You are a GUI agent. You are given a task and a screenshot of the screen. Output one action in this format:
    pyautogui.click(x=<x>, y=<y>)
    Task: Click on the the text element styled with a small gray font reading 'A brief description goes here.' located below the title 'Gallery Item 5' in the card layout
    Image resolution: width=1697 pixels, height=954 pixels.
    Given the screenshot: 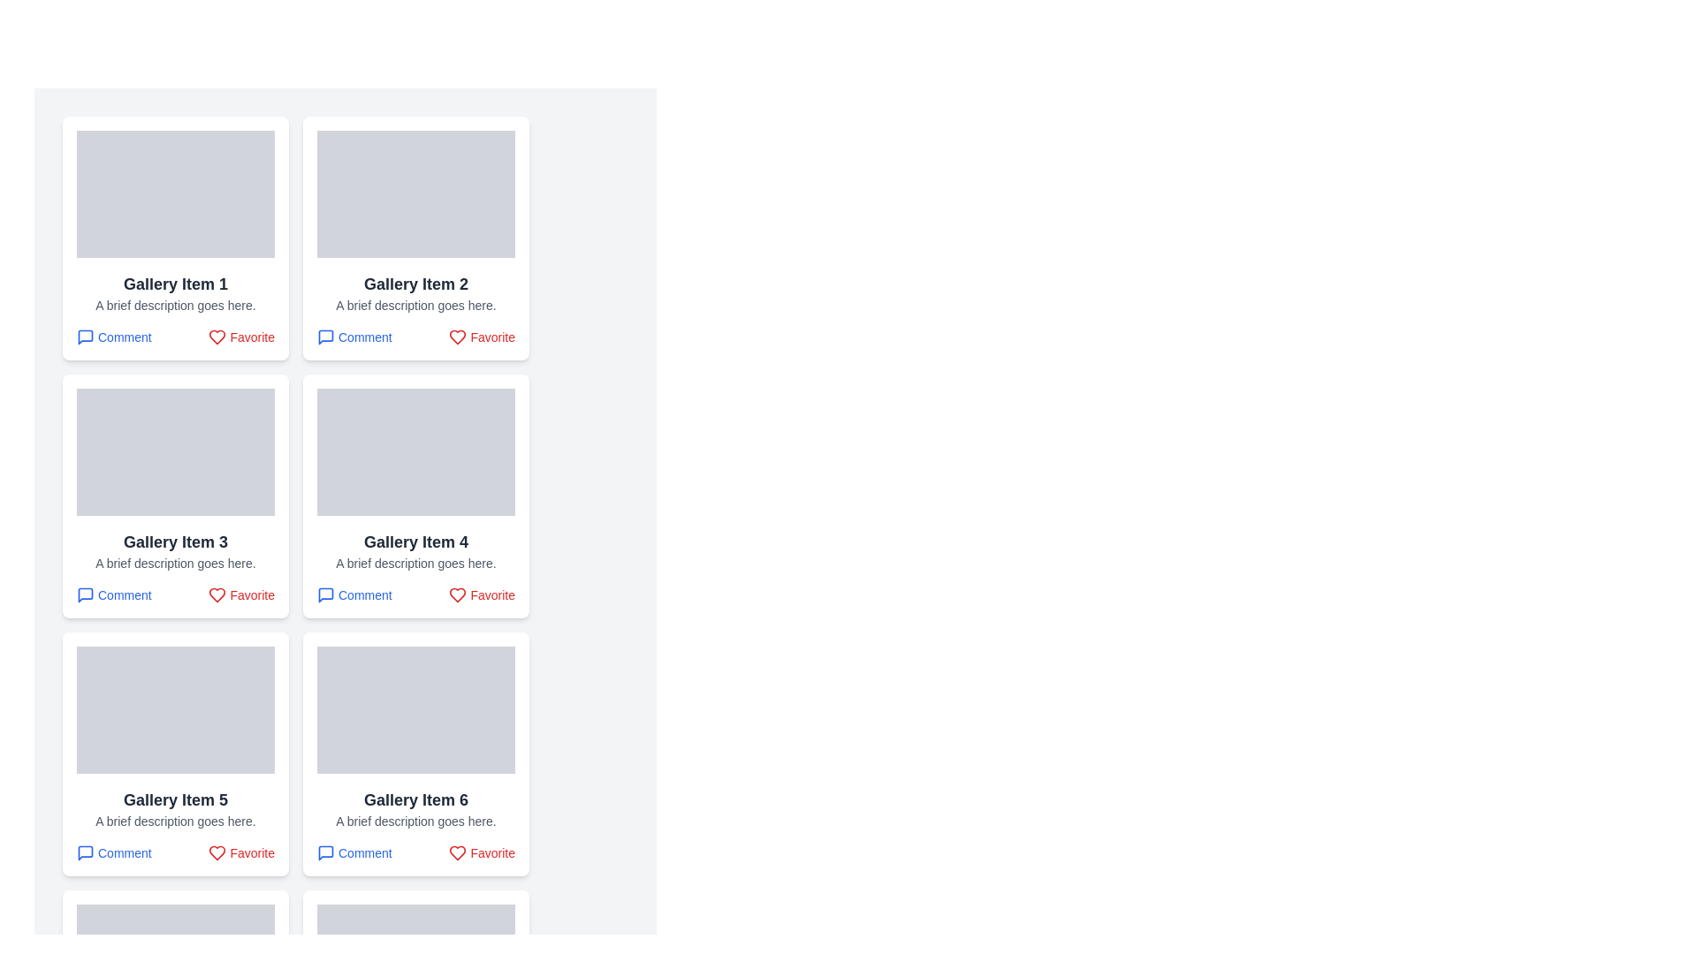 What is the action you would take?
    pyautogui.click(x=175, y=821)
    